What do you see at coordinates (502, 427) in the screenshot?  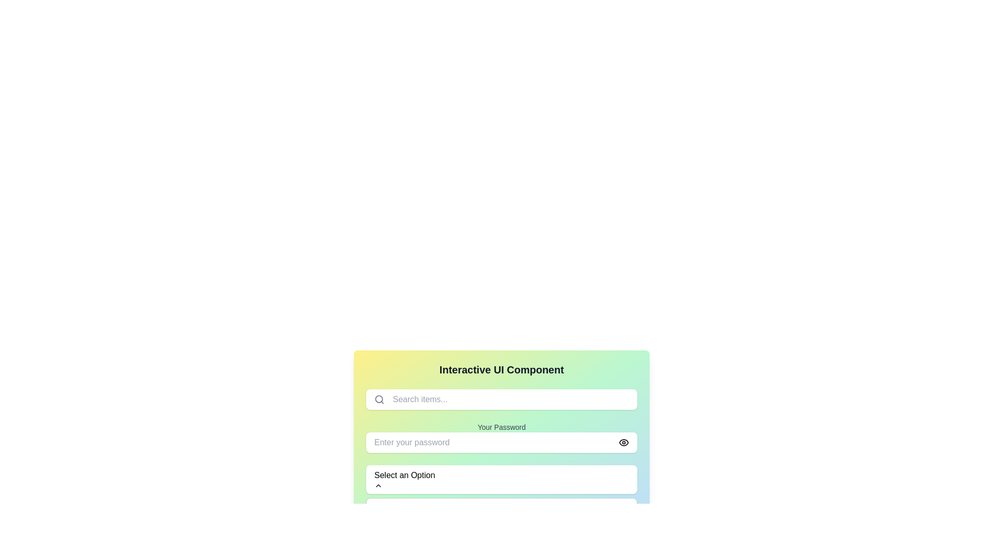 I see `the text label reading 'Your Password' which is styled in gray color and located above the password input field` at bounding box center [502, 427].